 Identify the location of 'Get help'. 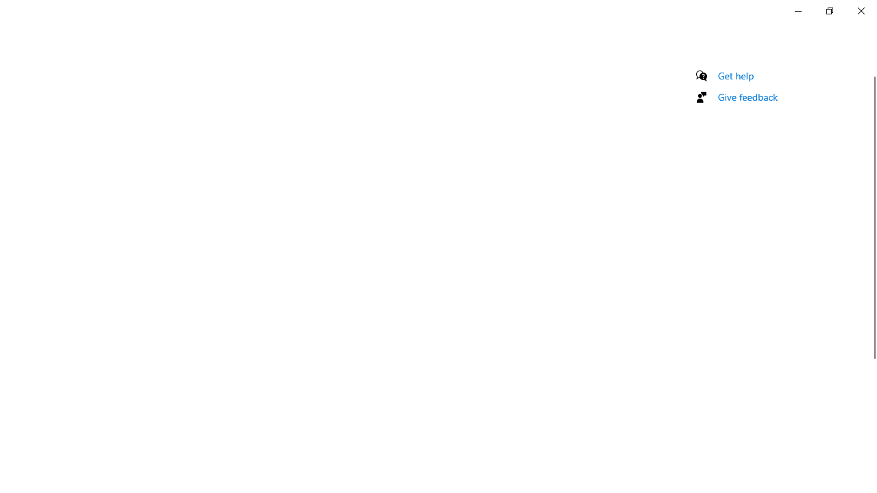
(735, 75).